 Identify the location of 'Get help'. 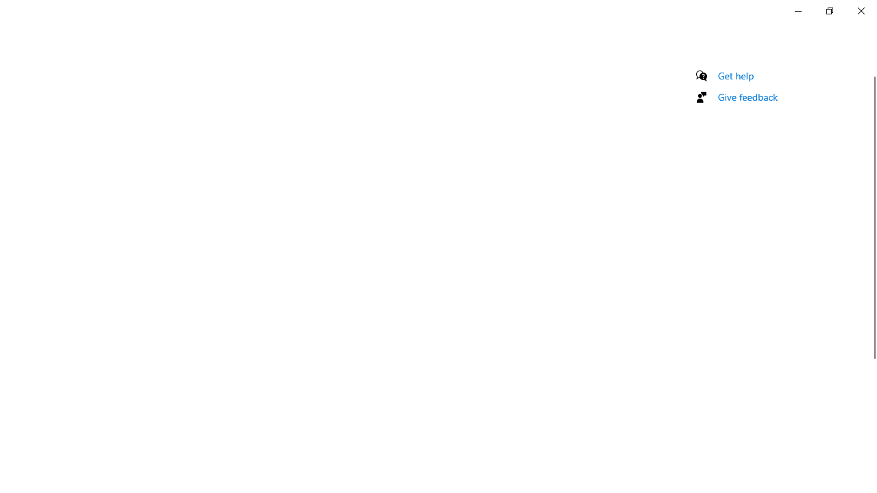
(735, 75).